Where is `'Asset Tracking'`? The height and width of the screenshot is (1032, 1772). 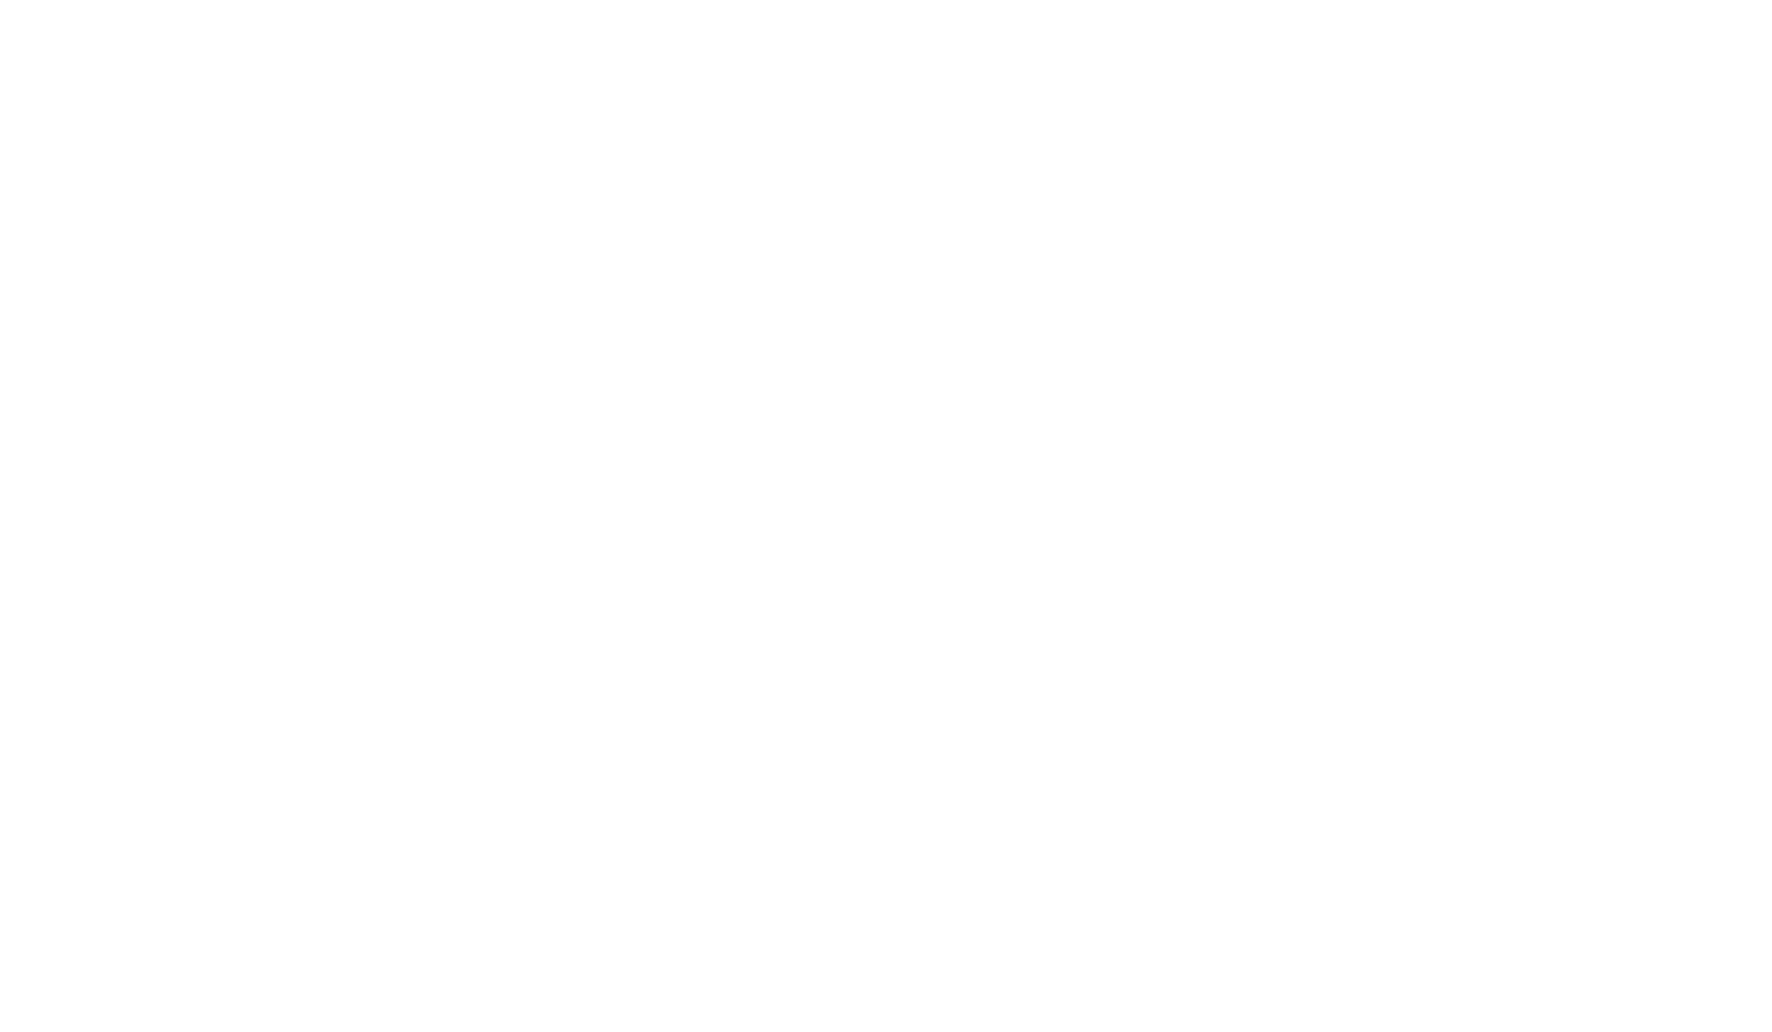 'Asset Tracking' is located at coordinates (489, 196).